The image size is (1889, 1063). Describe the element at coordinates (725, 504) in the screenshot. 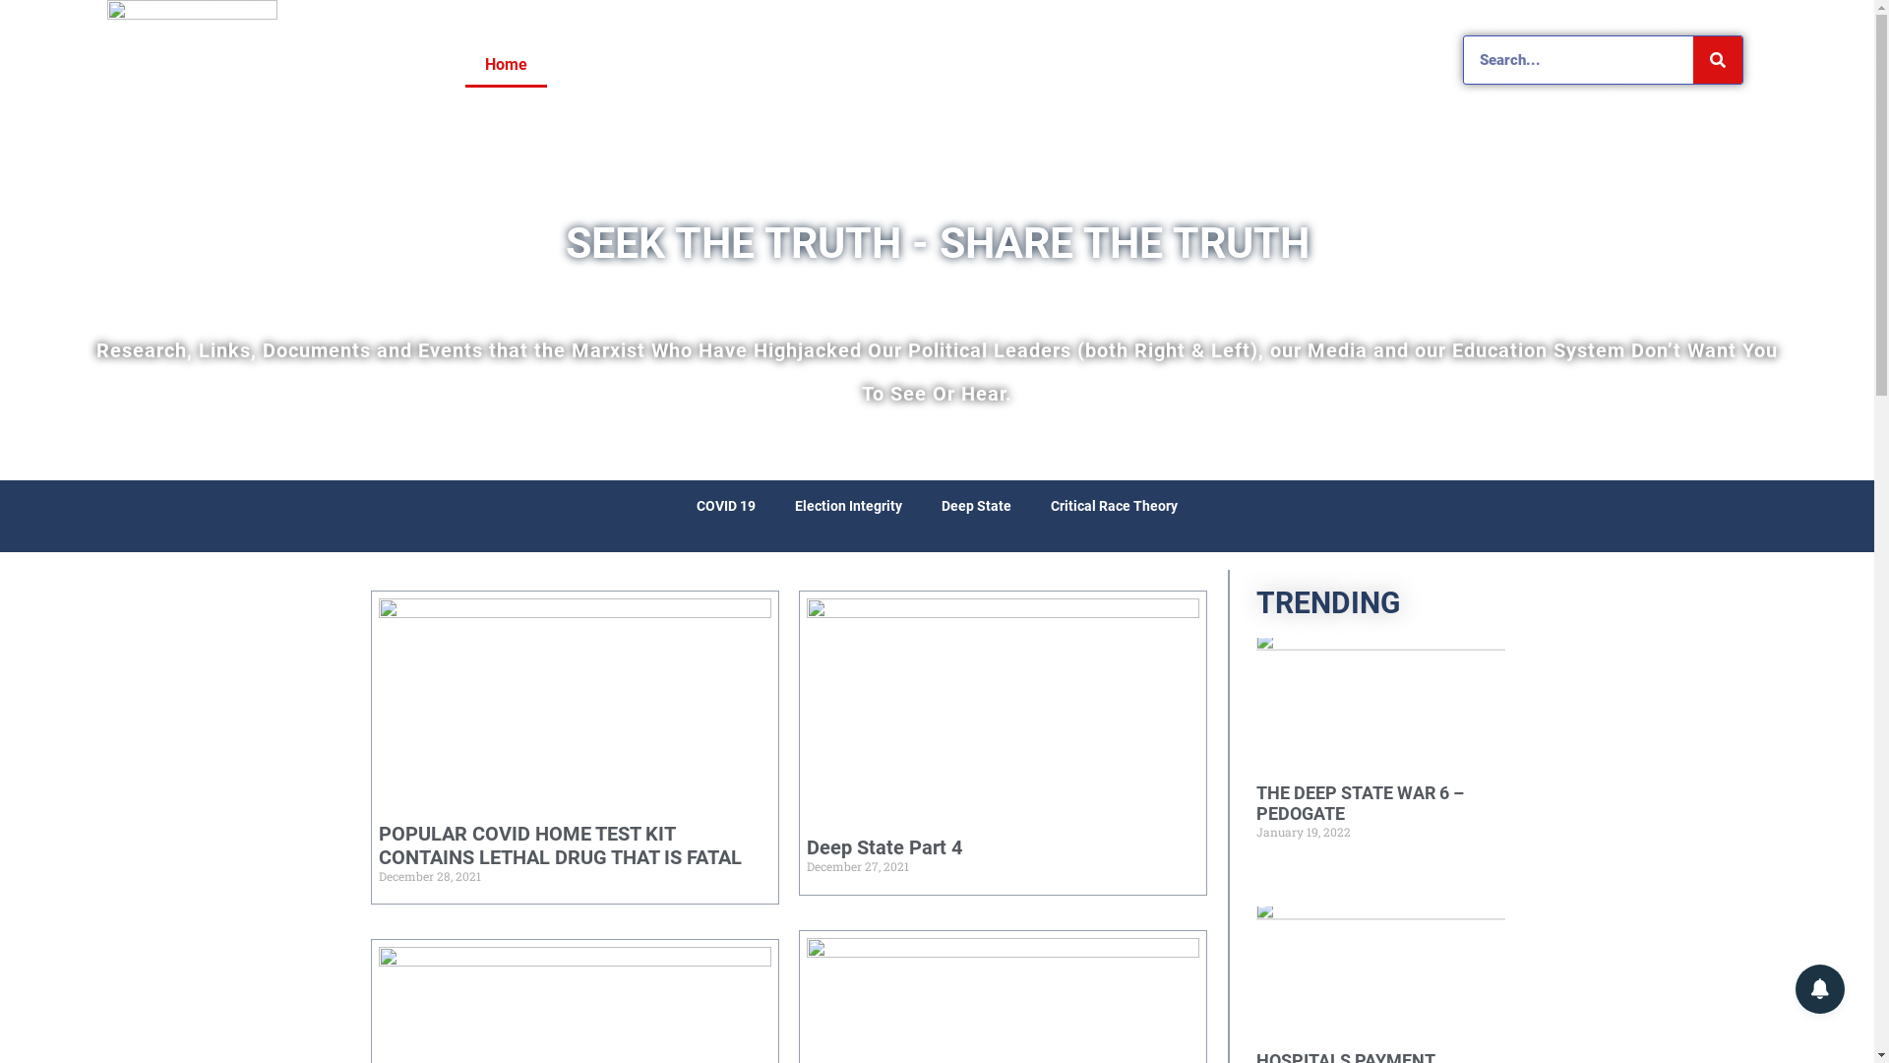

I see `'COVID 19'` at that location.